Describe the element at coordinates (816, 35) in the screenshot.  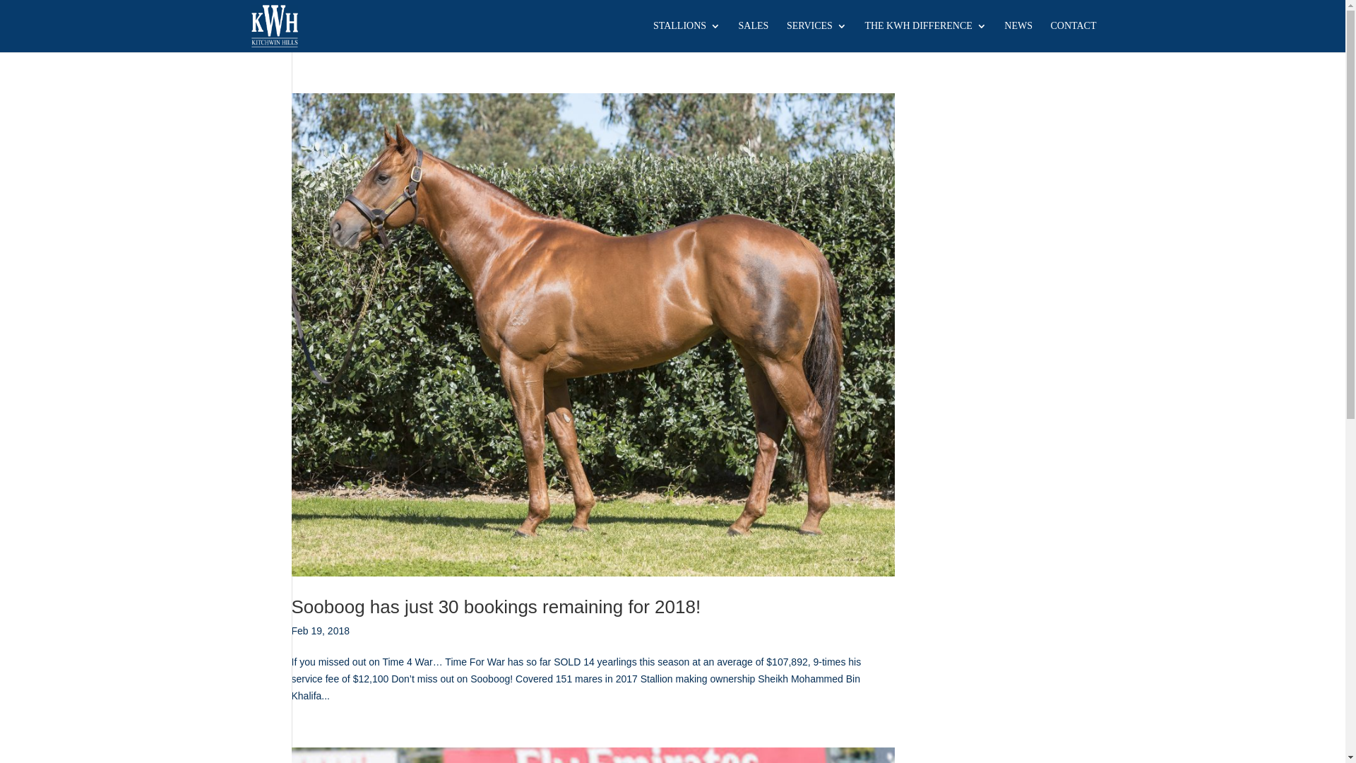
I see `'SERVICES'` at that location.